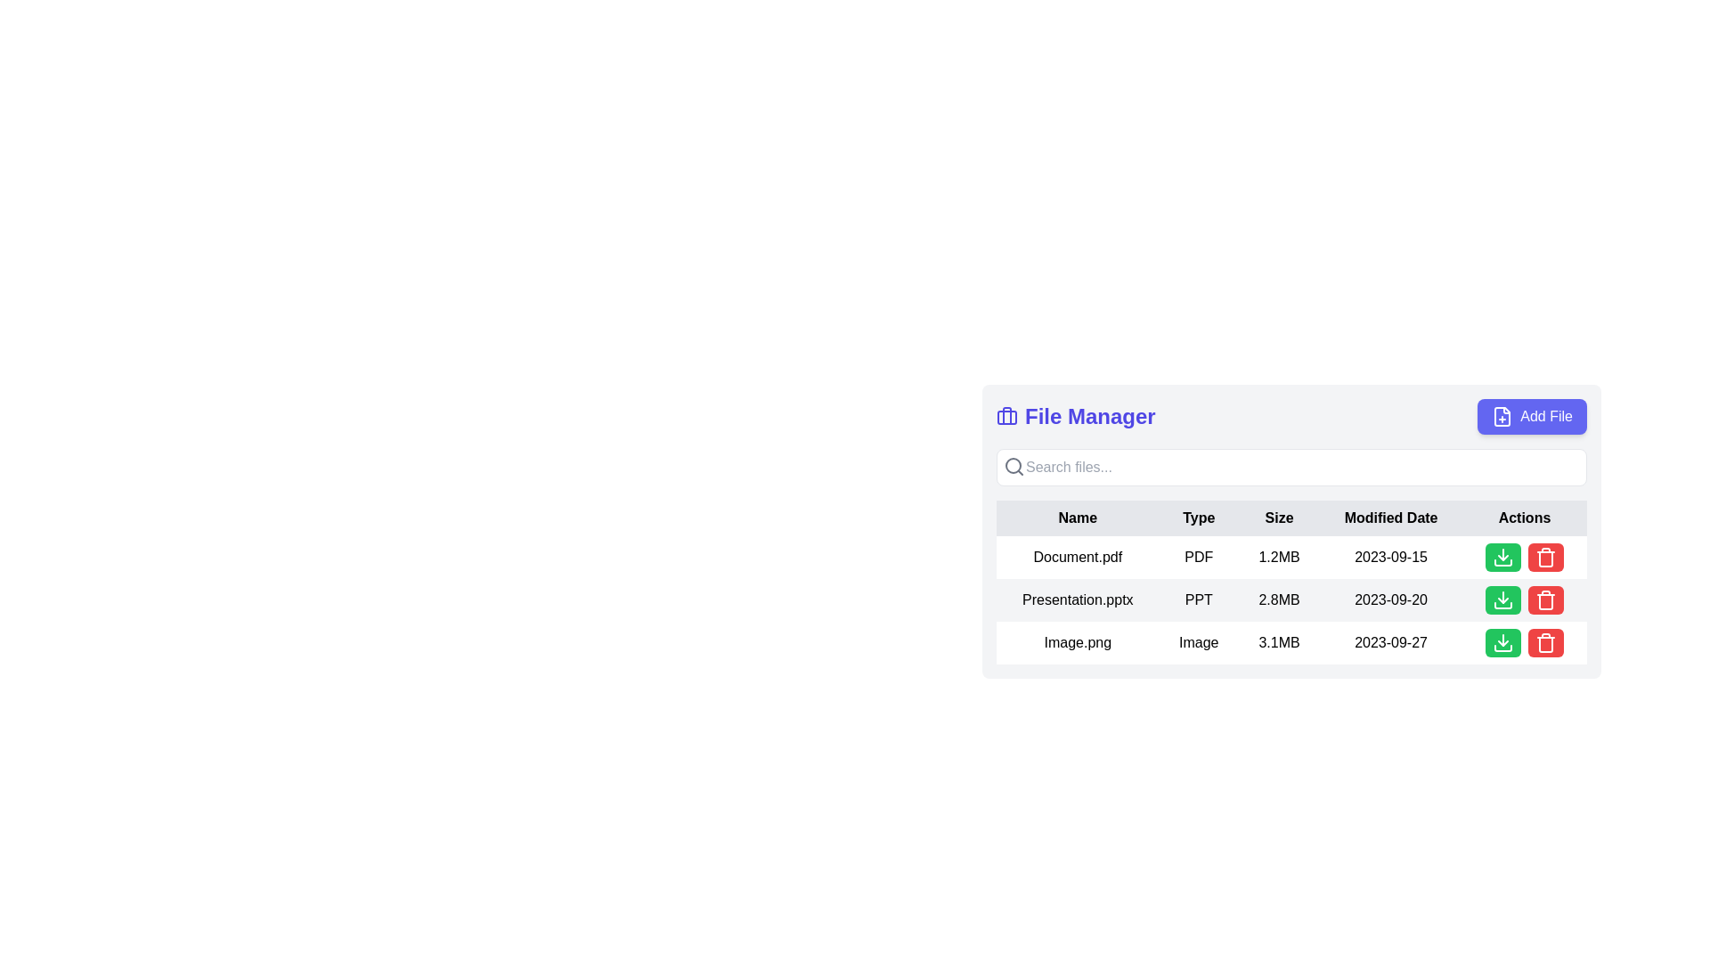 The width and height of the screenshot is (1710, 962). I want to click on the text element displaying '2023-09-20' located in the 'Modified Date' column of the table for the entry 'Presentation.pptx', so click(1390, 600).